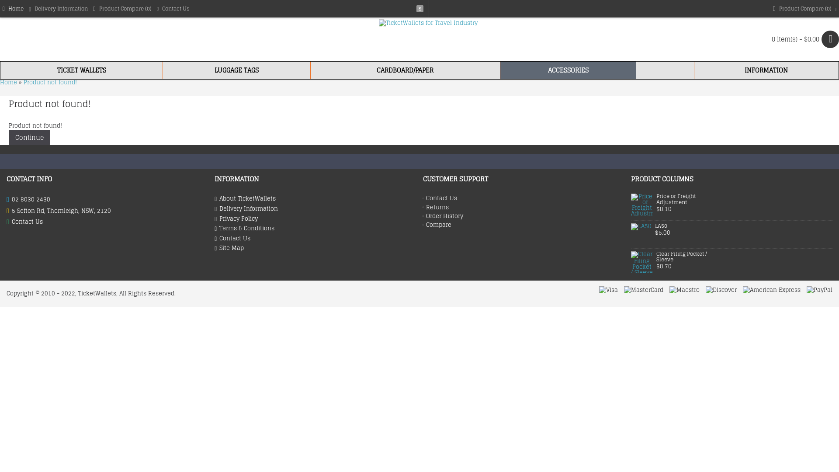 This screenshot has height=472, width=839. I want to click on 'Clear Filing Pocket / Sleeve', so click(687, 256).